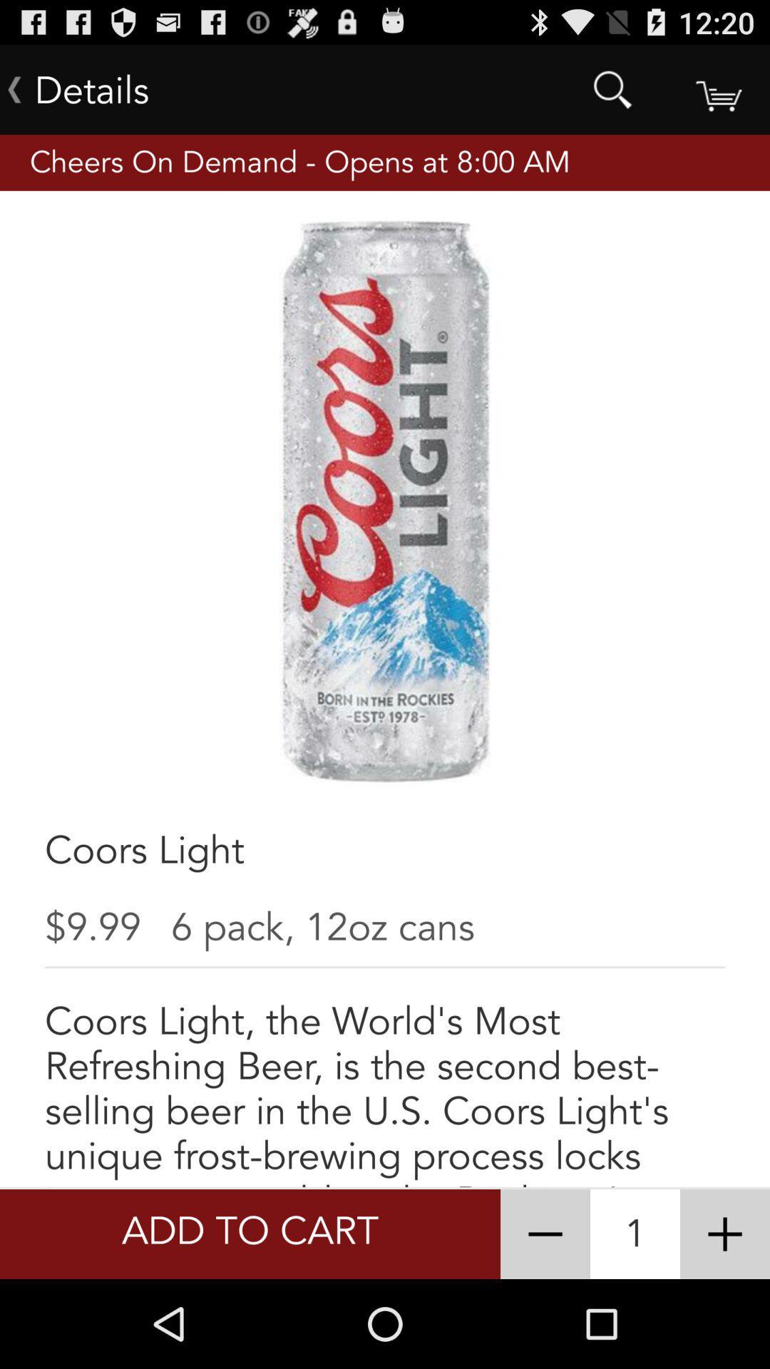 Image resolution: width=770 pixels, height=1369 pixels. Describe the element at coordinates (725, 1234) in the screenshot. I see `the item next to the 1 item` at that location.